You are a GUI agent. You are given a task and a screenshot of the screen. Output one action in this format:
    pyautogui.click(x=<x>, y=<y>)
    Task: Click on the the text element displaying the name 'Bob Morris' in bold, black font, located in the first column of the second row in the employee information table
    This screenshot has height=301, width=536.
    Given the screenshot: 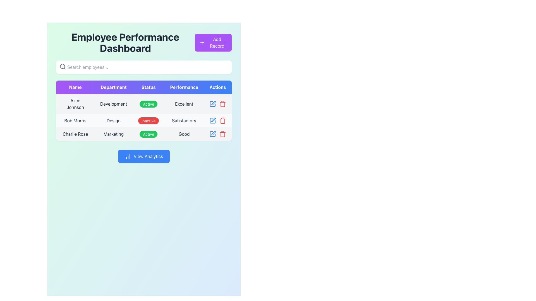 What is the action you would take?
    pyautogui.click(x=75, y=120)
    